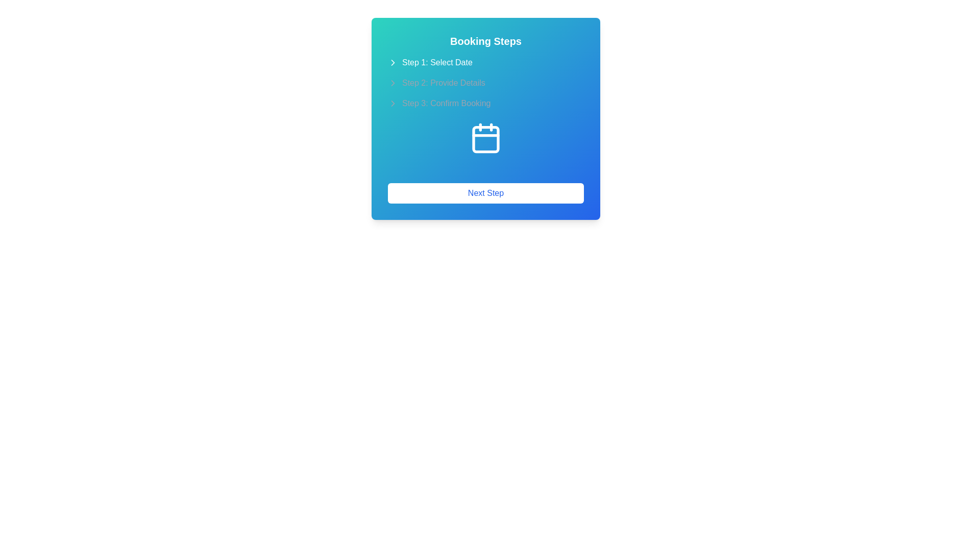 Image resolution: width=980 pixels, height=551 pixels. I want to click on the static text label indicating the current step in the multi-step process, which is positioned below 'Step 2: Provide Details' and above a calendar icon, so click(446, 104).